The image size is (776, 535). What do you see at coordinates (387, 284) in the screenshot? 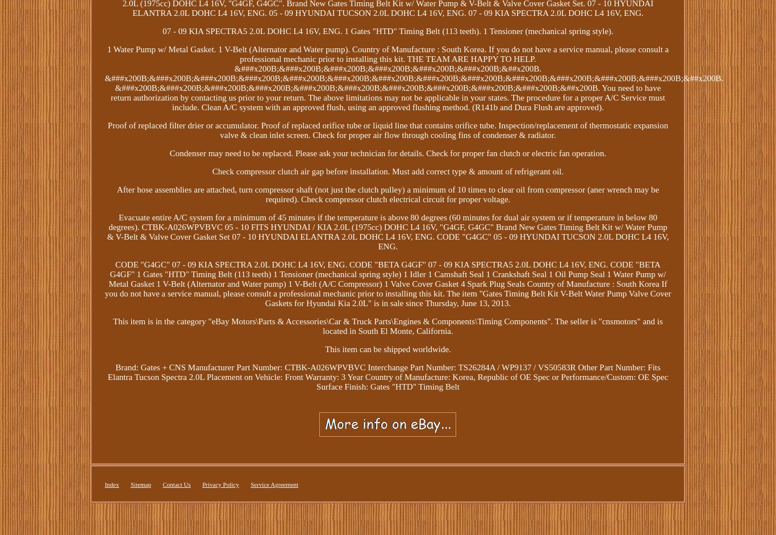
I see `'CODE "G4GC" 07 - 09 KIA SPECTRA 2.0L DOHC L4 16V, ENG. CODE "BETA G4GF" 07 - 09 KIA SPECTRA5 2.0L DOHC L4 16V, ENG. CODE "BETA G4GF" 1 Gates "HTD" Timing Belt (113 teeth) 1 Tensioner (mechanical spring style) 1 Idler 1 Camshaft Seal 1 Crankshaft Seal 1 Oil Pump Seal 1 Water Pump w/ Metal Gasket 1 V-Belt (Alternator and Water pump) 1 V-Belt (A/C Compressor) 1 Valve Cover Gasket 4 Spark Plug Seals Country of Manufacture : South Korea If you do not have a service manual, please consult a professional mechanic prior to installing this kit. The item "Gates Timing Belt Kit V-Belt Water Pump Valve Cover Gaskets for Hyundai Kia 2.0L" is in sale since Thursday, June 13, 2013.'` at bounding box center [387, 284].